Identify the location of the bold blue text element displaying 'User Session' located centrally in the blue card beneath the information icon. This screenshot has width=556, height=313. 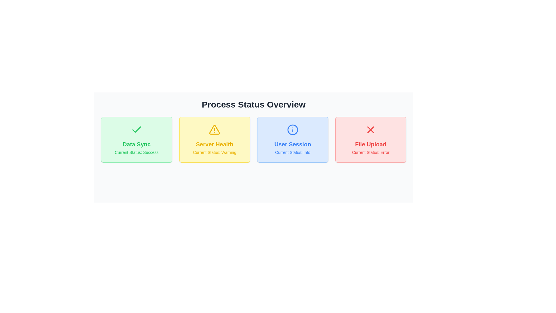
(292, 144).